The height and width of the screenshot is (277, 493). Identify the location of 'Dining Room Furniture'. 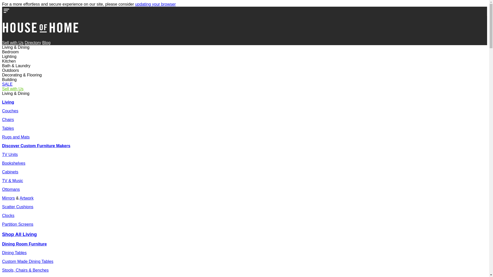
(2, 244).